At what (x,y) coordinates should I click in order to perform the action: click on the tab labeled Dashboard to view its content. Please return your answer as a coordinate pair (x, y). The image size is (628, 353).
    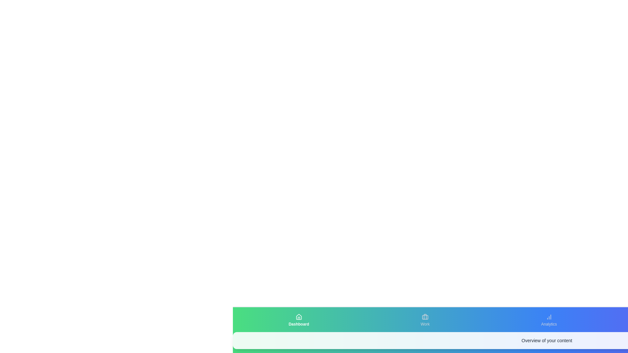
    Looking at the image, I should click on (298, 320).